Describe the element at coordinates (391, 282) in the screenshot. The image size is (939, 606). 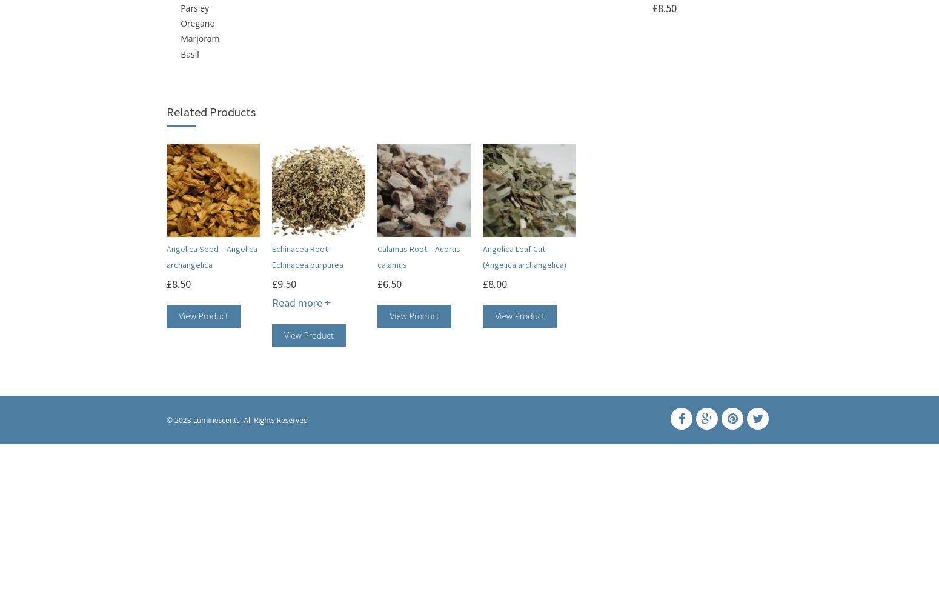
I see `'6.50'` at that location.